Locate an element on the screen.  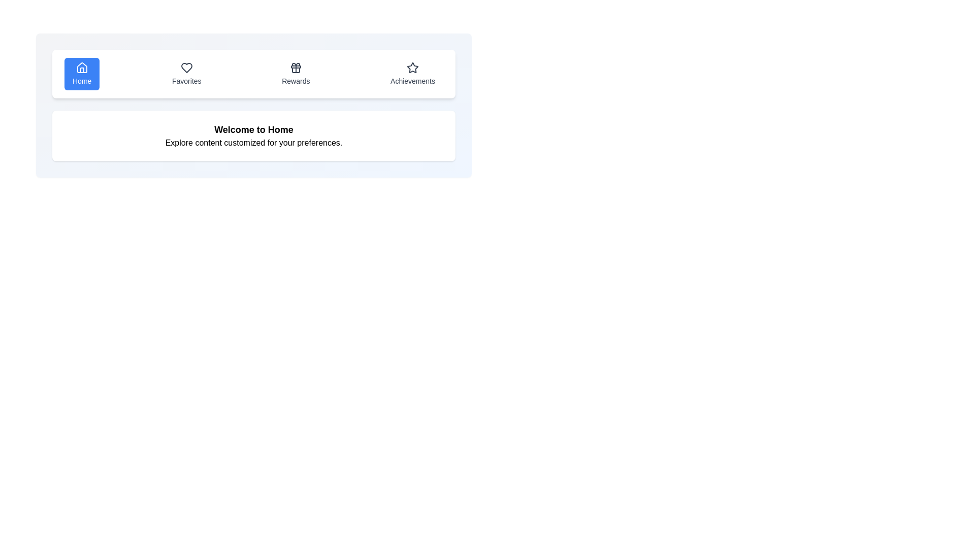
the horizontal rectangular bar inside the Rewards icon, which is the third icon in the navigation menu at the top-center of the layout is located at coordinates (295, 66).